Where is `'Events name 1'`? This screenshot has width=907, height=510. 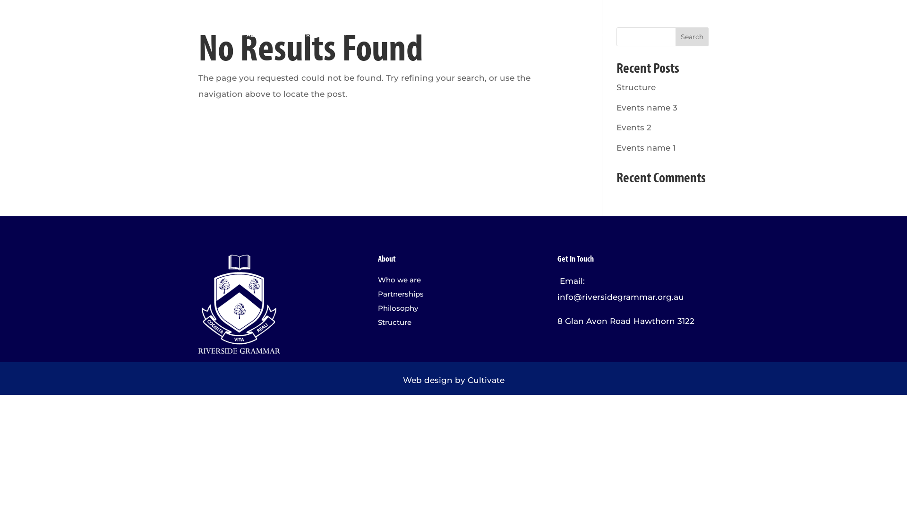
'Events name 1' is located at coordinates (645, 147).